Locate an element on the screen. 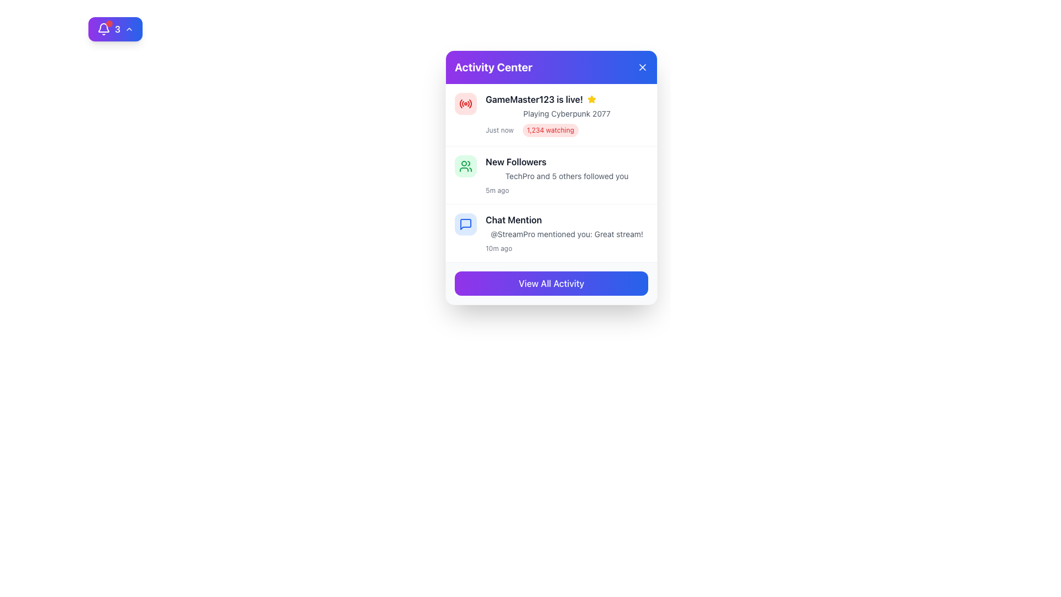 The image size is (1061, 597). the filled yellow star-shaped icon located to the right of the title 'GameMaster123 is live!' in the activity center popup is located at coordinates (591, 98).